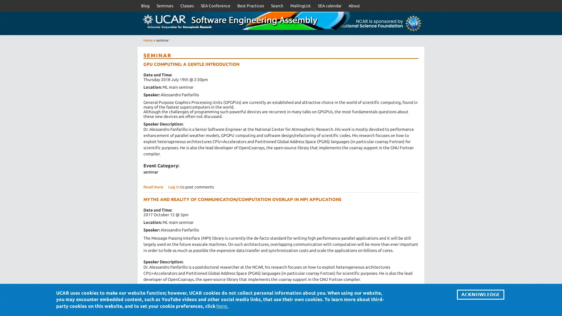 The height and width of the screenshot is (316, 562). I want to click on here., so click(222, 305).